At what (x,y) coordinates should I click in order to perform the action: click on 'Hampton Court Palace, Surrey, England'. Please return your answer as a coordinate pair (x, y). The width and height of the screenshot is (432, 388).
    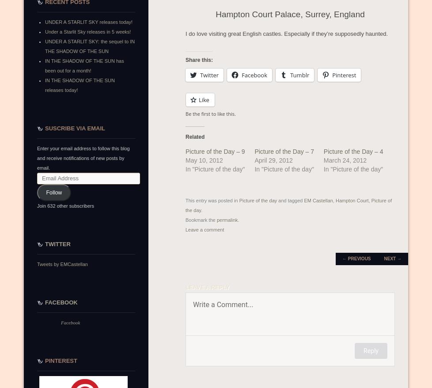
    Looking at the image, I should click on (290, 13).